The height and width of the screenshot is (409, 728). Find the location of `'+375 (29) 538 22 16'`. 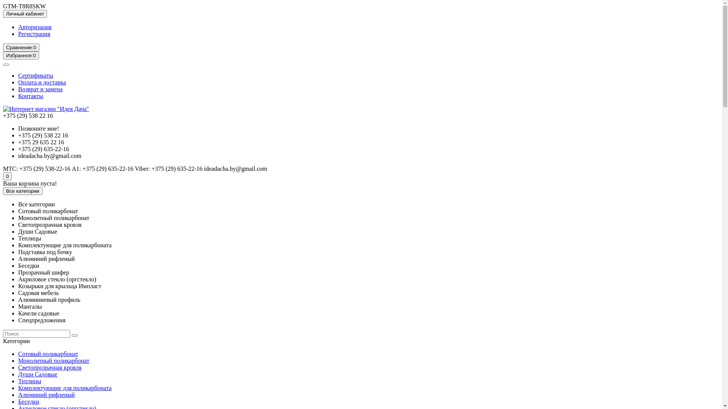

'+375 (29) 538 22 16' is located at coordinates (43, 135).